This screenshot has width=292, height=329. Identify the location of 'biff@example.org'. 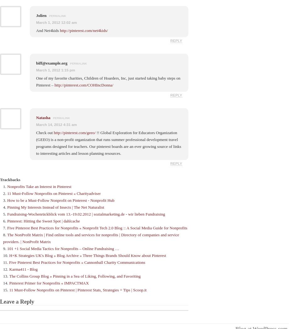
(52, 62).